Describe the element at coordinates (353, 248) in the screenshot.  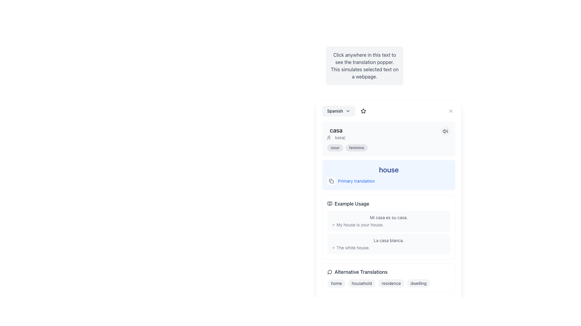
I see `the text displaying the phrase 'The white house.' styled in gray font color and belonging to the CSS class 'text-gray-500' within the example usage section` at that location.